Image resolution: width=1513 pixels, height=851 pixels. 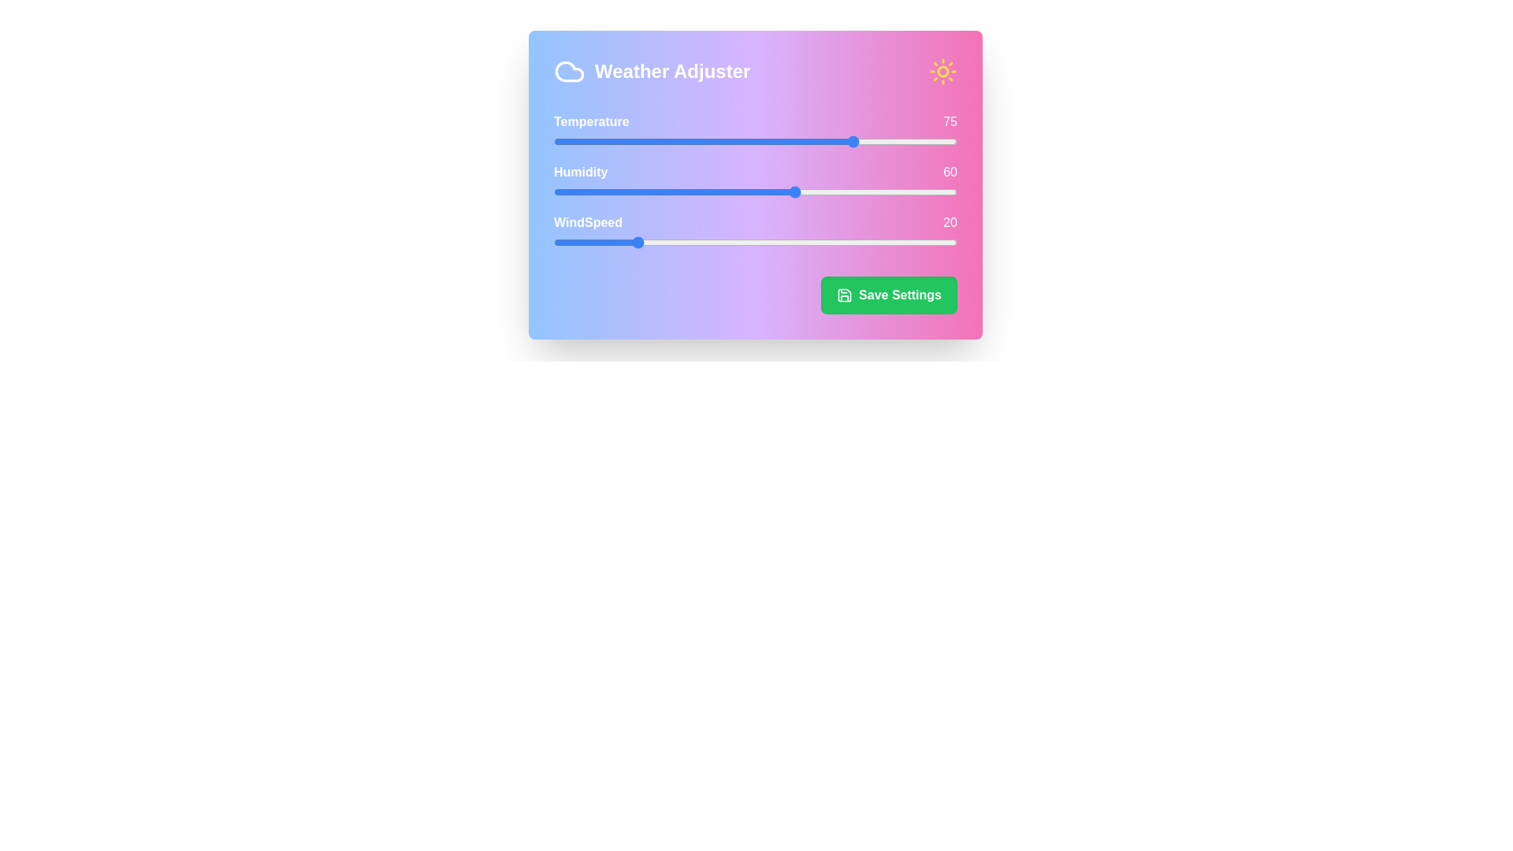 What do you see at coordinates (577, 142) in the screenshot?
I see `the temperature slider` at bounding box center [577, 142].